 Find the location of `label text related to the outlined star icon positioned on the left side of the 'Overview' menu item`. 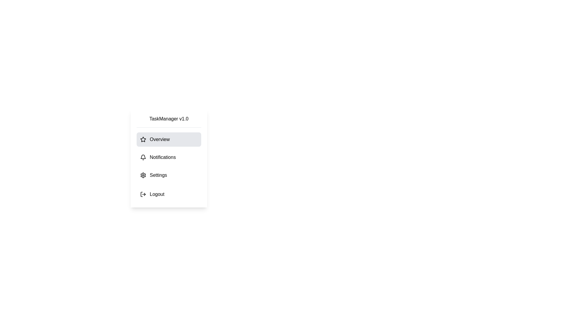

label text related to the outlined star icon positioned on the left side of the 'Overview' menu item is located at coordinates (143, 139).